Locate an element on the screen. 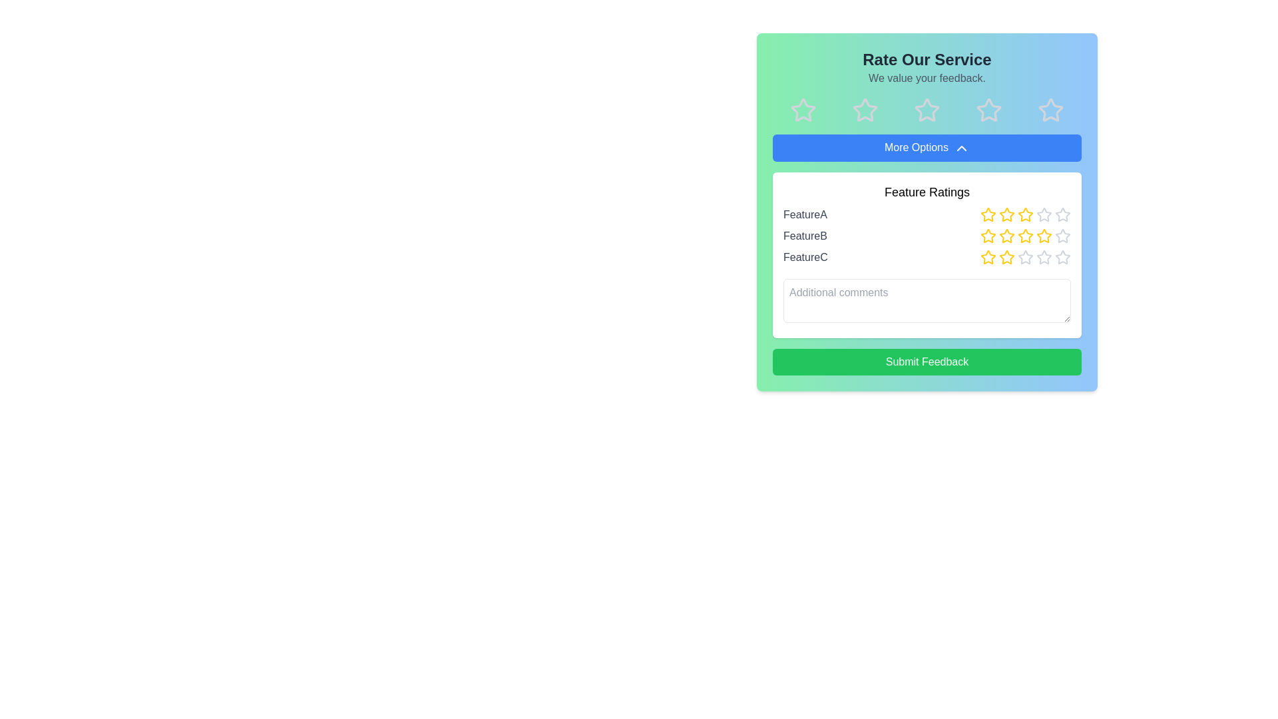  the fourth yellow star icon in the third row of the star rating section under 'FeatureB' is located at coordinates (1044, 235).